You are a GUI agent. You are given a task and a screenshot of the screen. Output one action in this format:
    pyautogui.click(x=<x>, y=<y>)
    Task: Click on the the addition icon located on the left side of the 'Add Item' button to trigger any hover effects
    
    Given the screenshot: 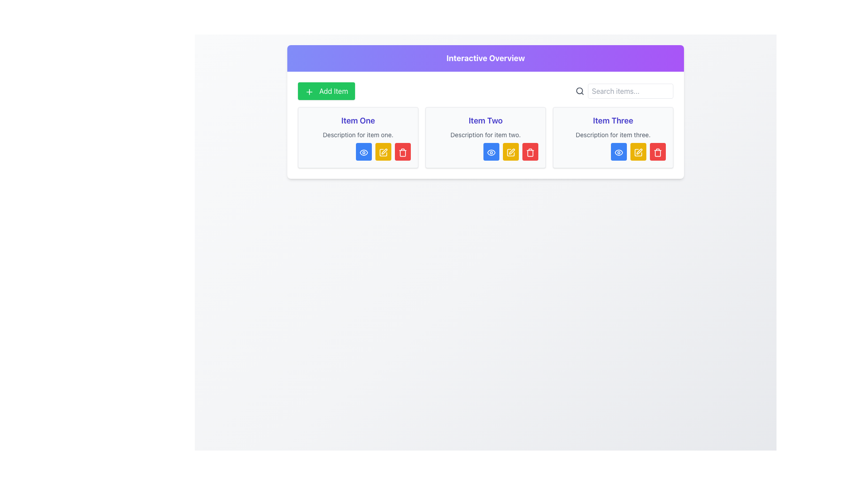 What is the action you would take?
    pyautogui.click(x=309, y=92)
    